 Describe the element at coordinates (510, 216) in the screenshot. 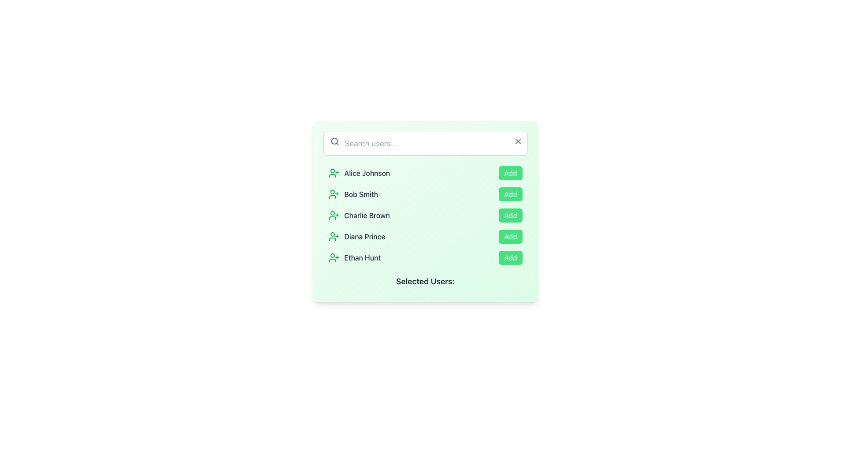

I see `the 'Add' button located to the right of the user 'Charlie Brown' in the vertically ordered list` at that location.